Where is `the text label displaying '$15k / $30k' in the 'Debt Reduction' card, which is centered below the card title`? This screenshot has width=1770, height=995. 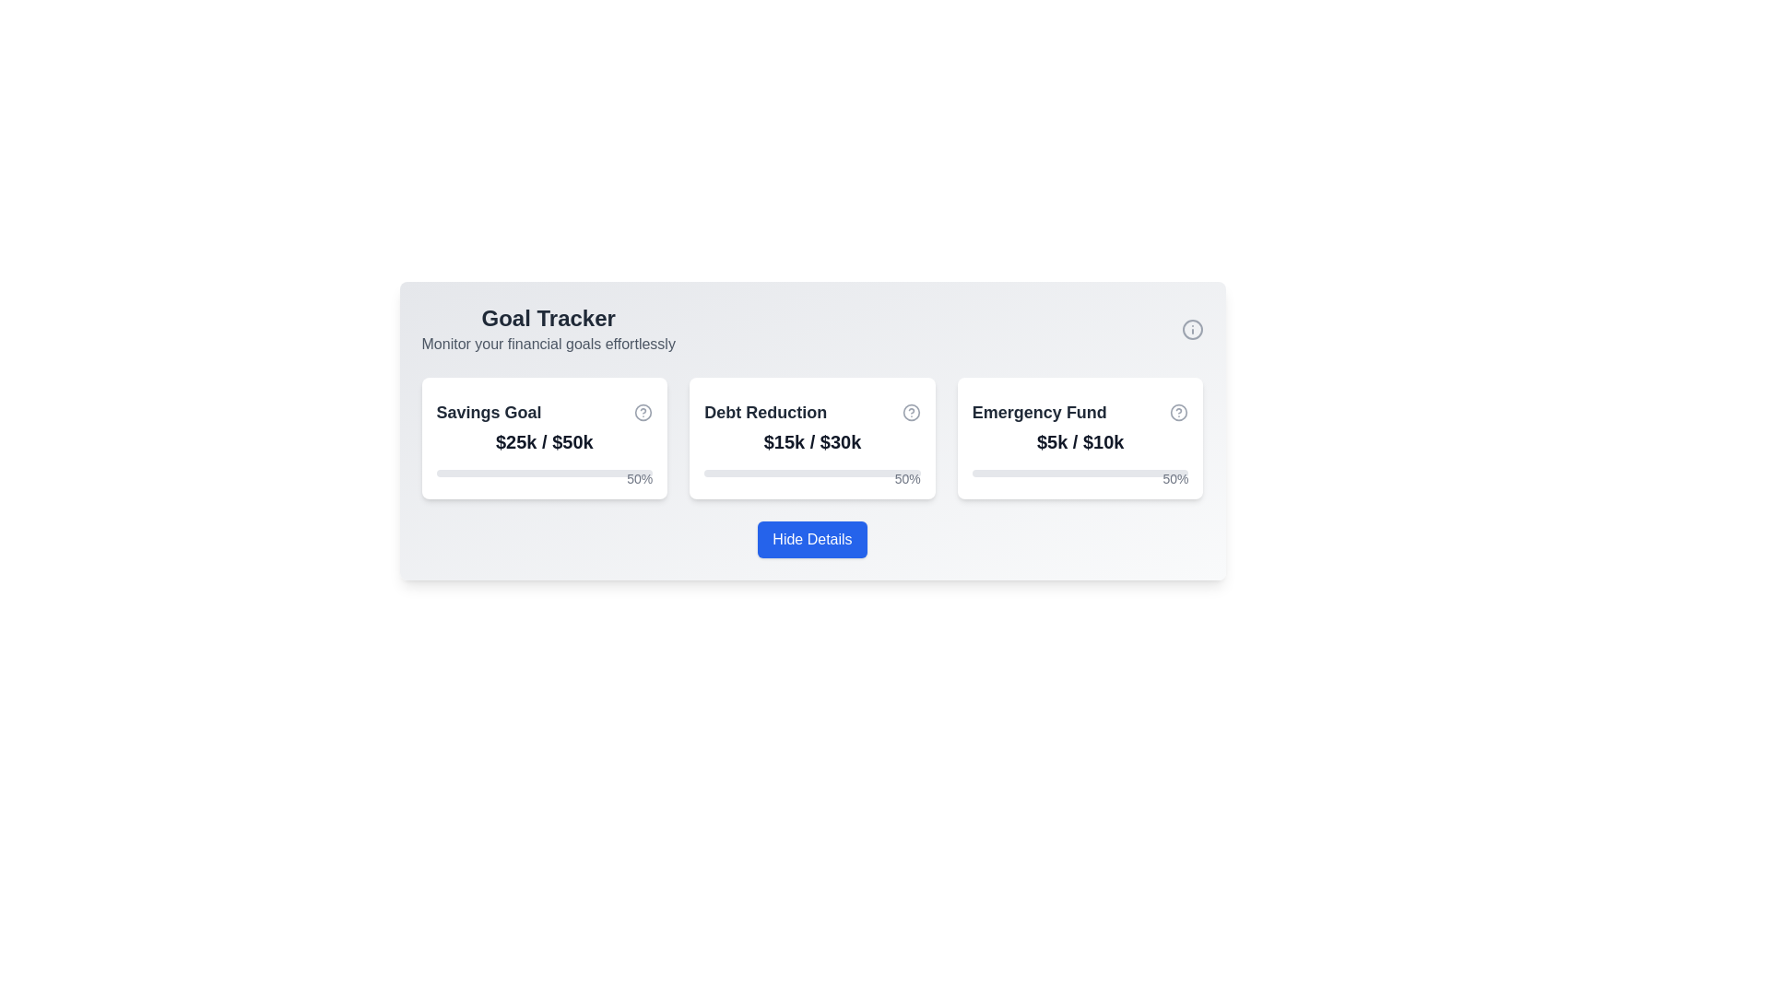
the text label displaying '$15k / $30k' in the 'Debt Reduction' card, which is centered below the card title is located at coordinates (811, 441).